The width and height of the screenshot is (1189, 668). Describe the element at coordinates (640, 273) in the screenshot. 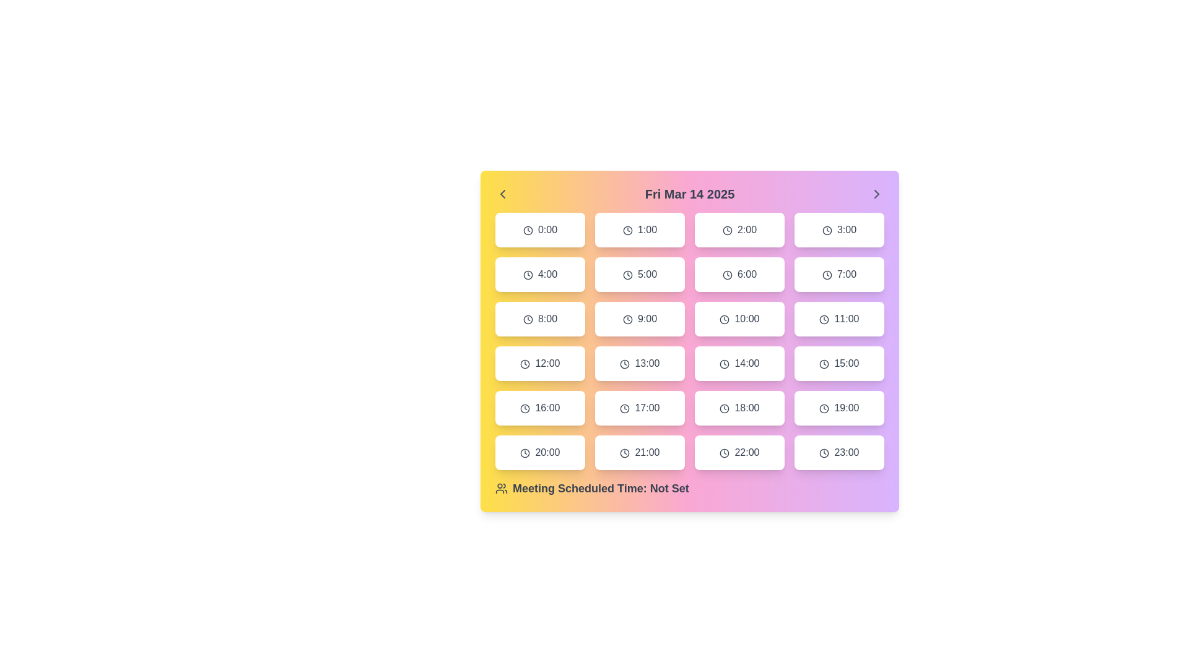

I see `the rectangular button labeled '5:00' with a clock icon on the left` at that location.